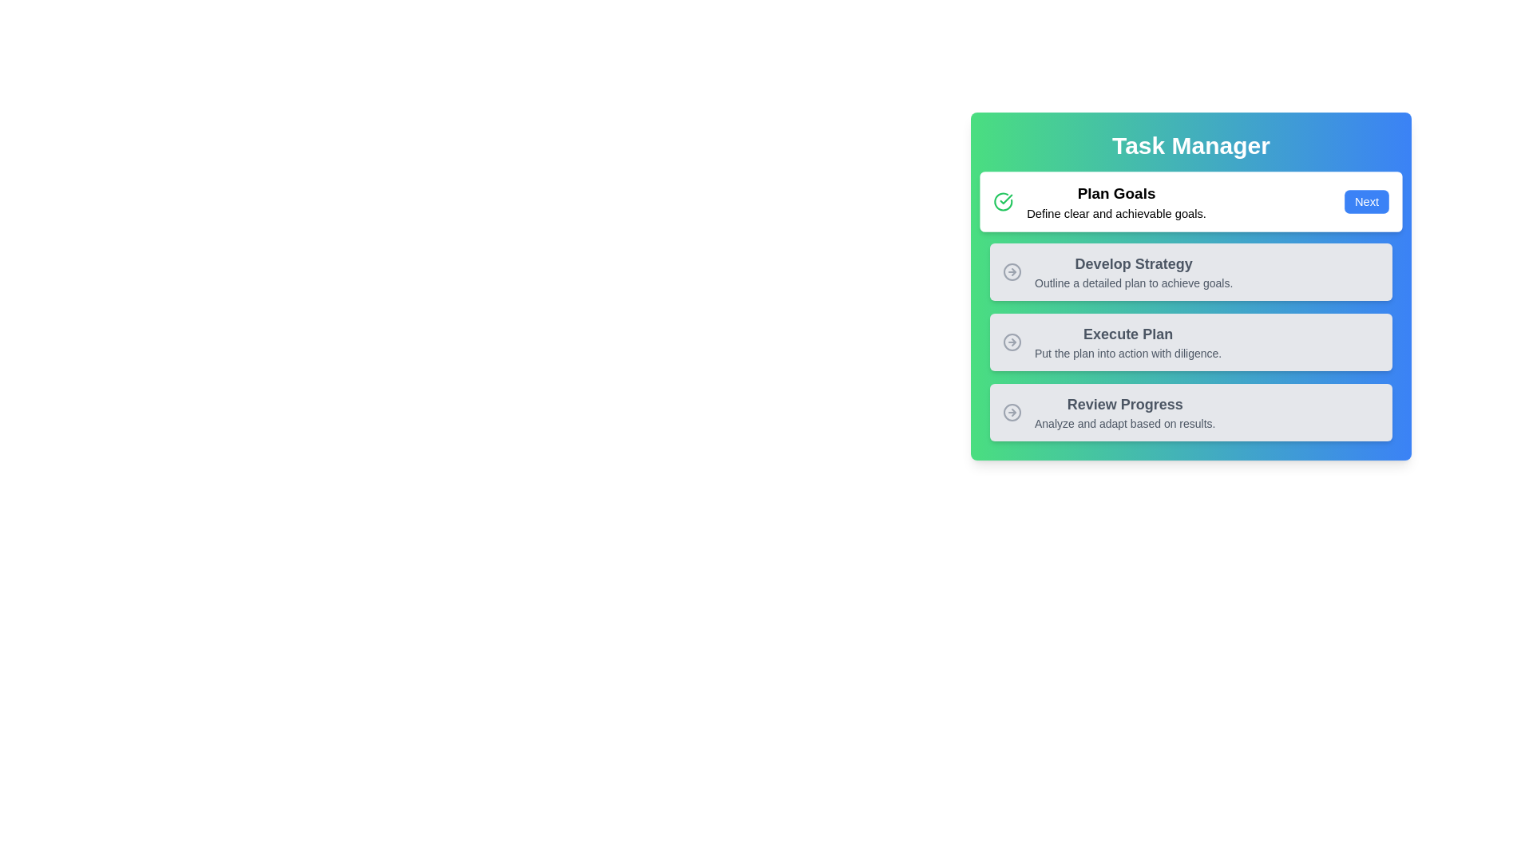 The width and height of the screenshot is (1533, 862). Describe the element at coordinates (1011, 271) in the screenshot. I see `the icon indicating the 'Develop Strategy' task, positioned to the left of the task title` at that location.